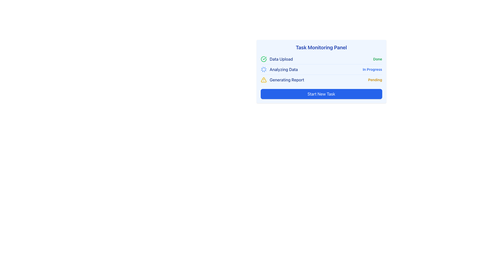 Image resolution: width=486 pixels, height=273 pixels. Describe the element at coordinates (263, 80) in the screenshot. I see `the warning SVG icon located in the 'Generating Report' row of the 'Task Monitoring Panel' section` at that location.